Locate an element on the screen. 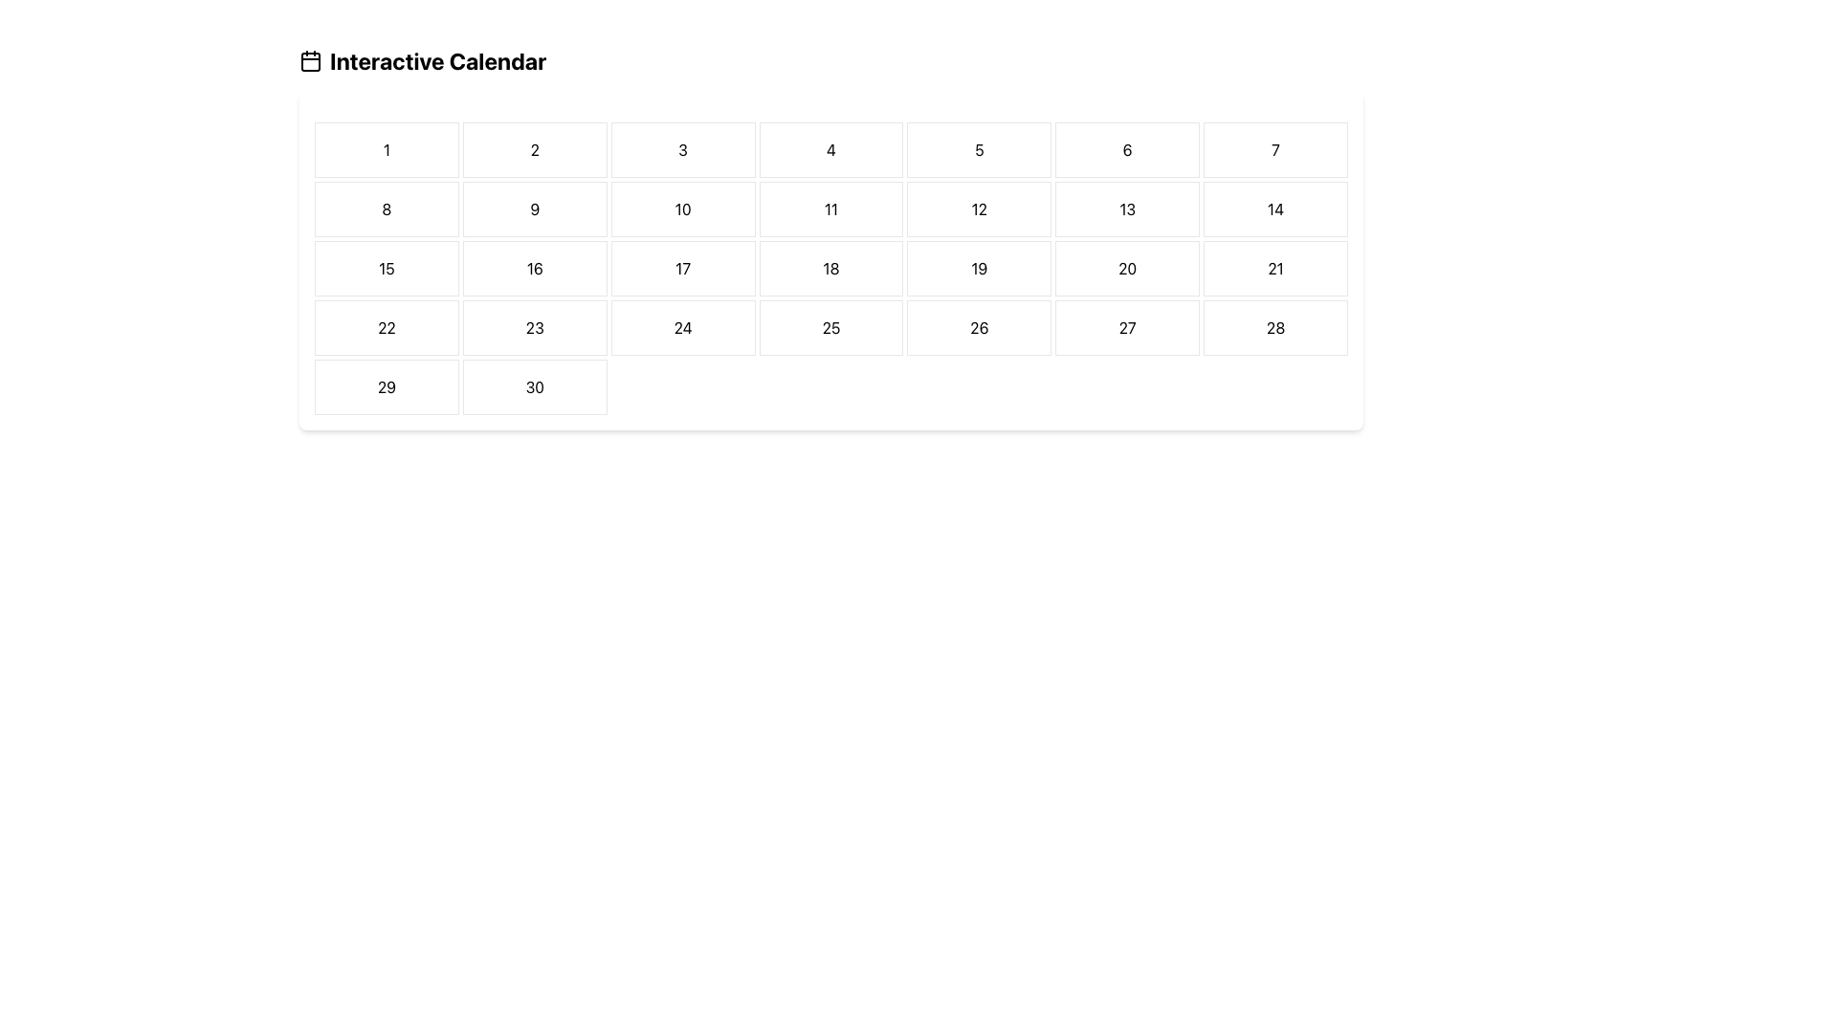 The height and width of the screenshot is (1033, 1837). the calendar date box displaying the number '22', which is located in the fourth row and first column of the calendar grid layout is located at coordinates (386, 327).